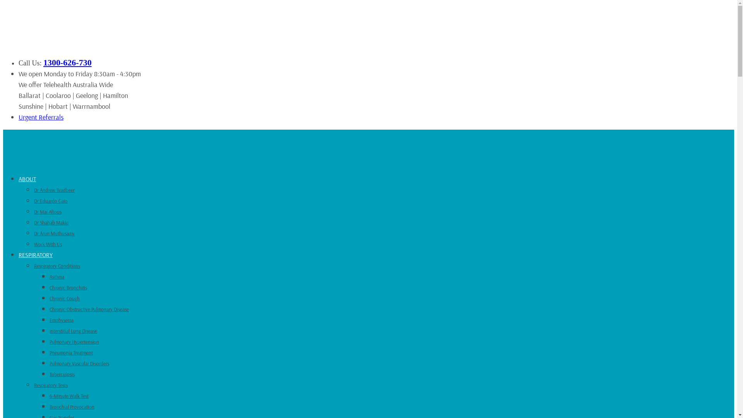 The height and width of the screenshot is (418, 743). I want to click on '1300-626-730', so click(43, 62).